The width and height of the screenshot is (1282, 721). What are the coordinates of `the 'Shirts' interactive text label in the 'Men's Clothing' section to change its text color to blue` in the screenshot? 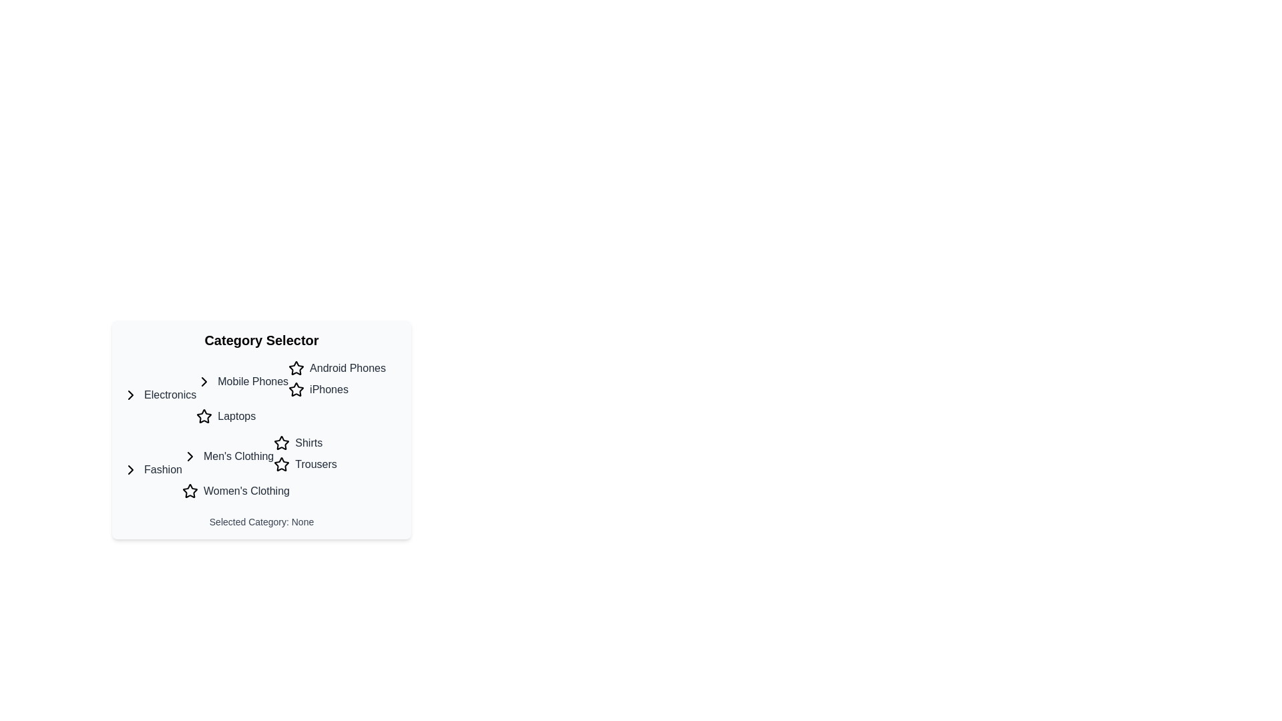 It's located at (308, 443).